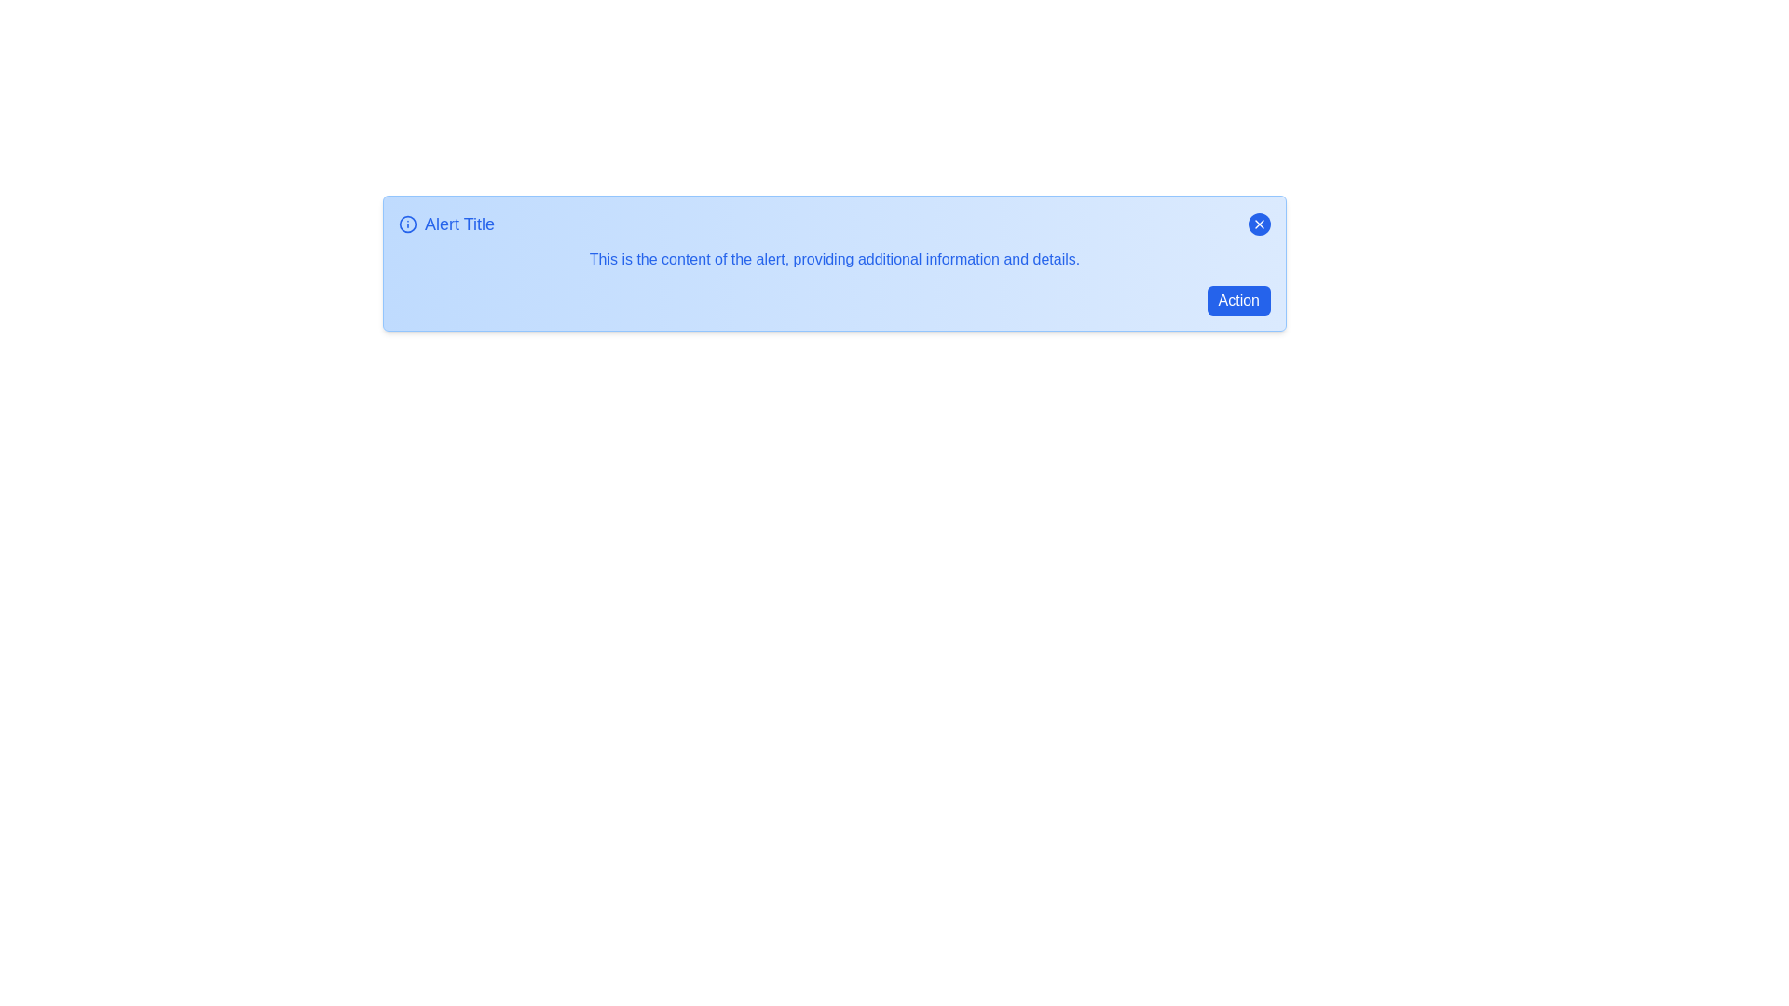 The width and height of the screenshot is (1789, 1006). What do you see at coordinates (1260, 223) in the screenshot?
I see `close button to dismiss the alert` at bounding box center [1260, 223].